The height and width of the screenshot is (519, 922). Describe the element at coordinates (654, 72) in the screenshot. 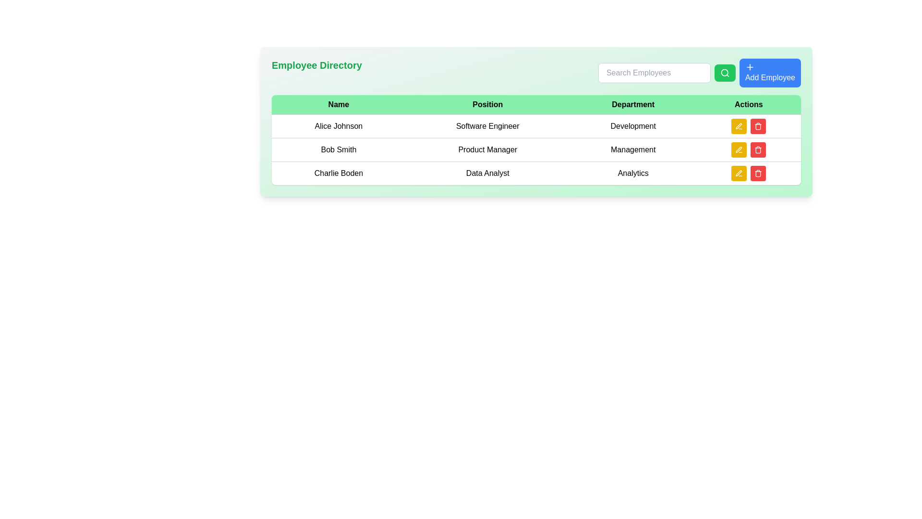

I see `the text input field styled with rounded corners and placeholder text 'Search Employees'` at that location.